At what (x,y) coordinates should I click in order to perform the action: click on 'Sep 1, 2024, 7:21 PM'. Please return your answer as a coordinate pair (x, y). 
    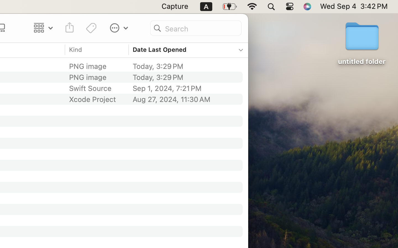
    Looking at the image, I should click on (184, 88).